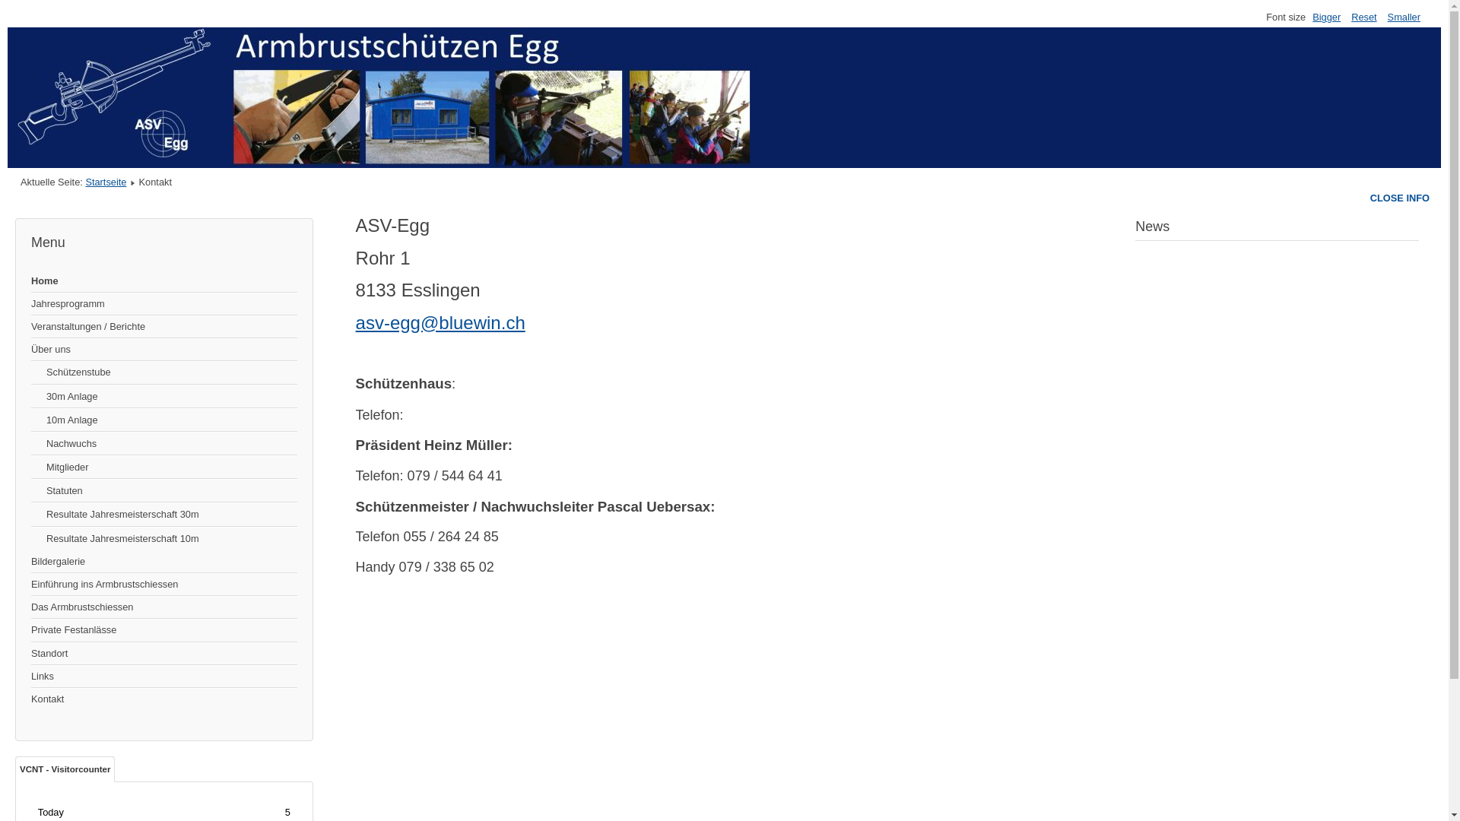 Image resolution: width=1460 pixels, height=821 pixels. What do you see at coordinates (440, 322) in the screenshot?
I see `'asv-egg@bluewin.ch'` at bounding box center [440, 322].